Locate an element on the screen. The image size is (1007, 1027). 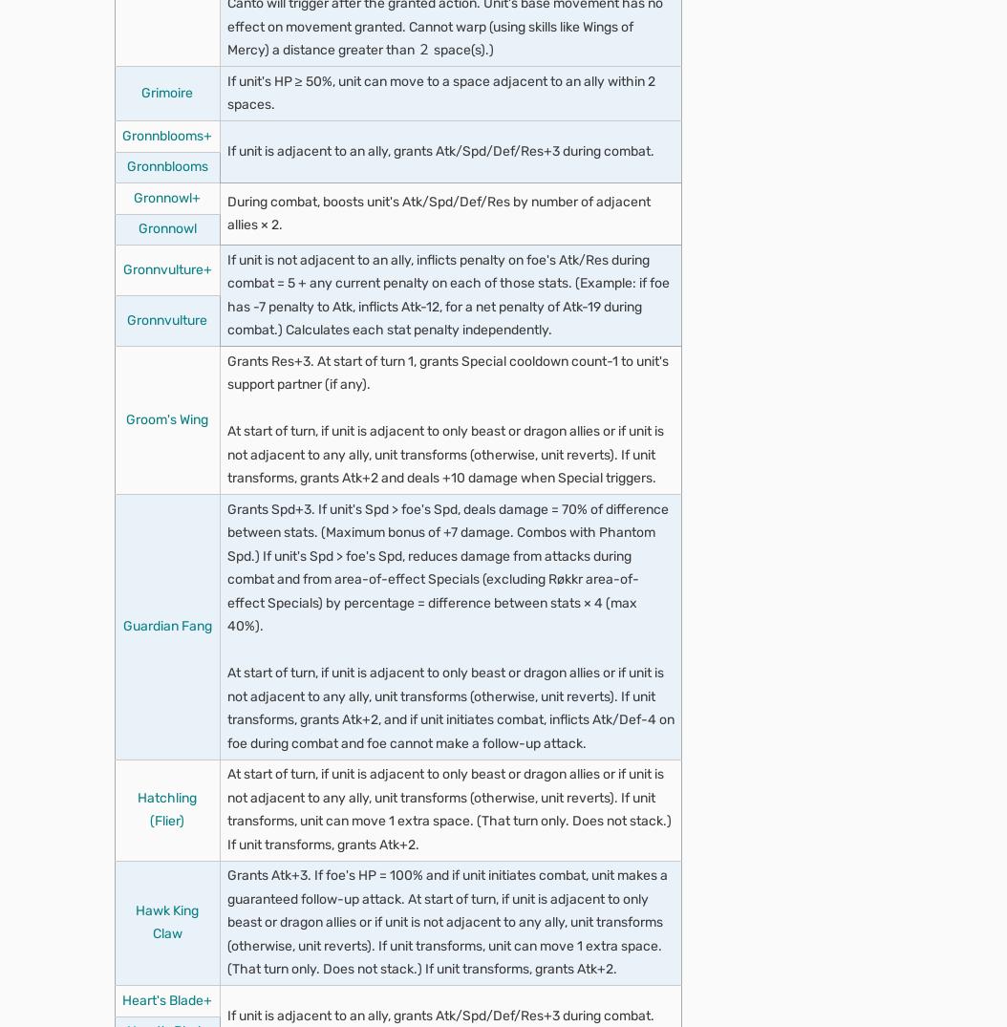
'Advertise' is located at coordinates (79, 466).